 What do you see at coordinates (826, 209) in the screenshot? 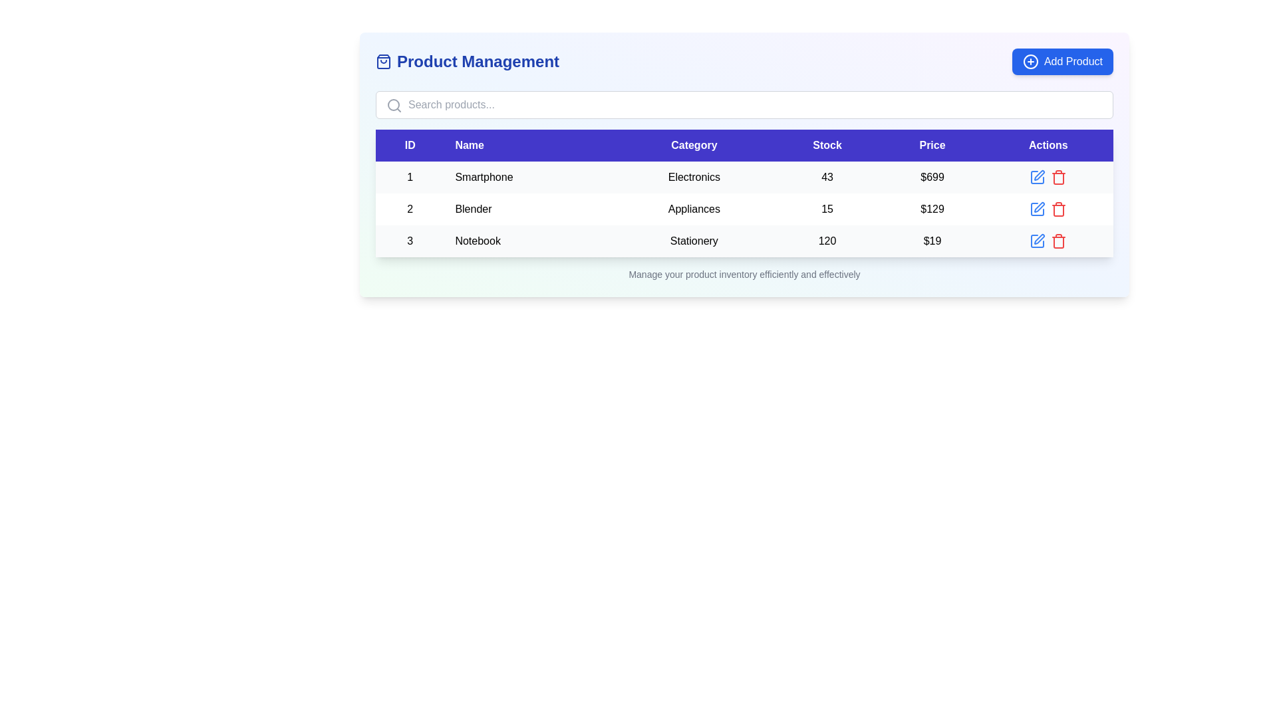
I see `the text label displaying the number '15' in the 'Stock' column of the tabulated layout for the item 'Blender'` at bounding box center [826, 209].